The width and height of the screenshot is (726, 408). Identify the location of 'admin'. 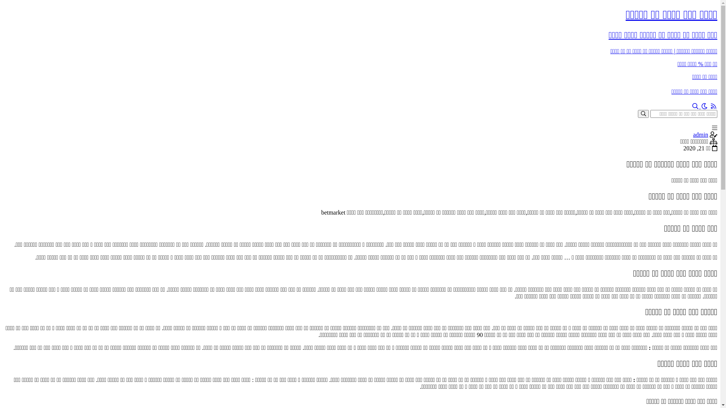
(700, 134).